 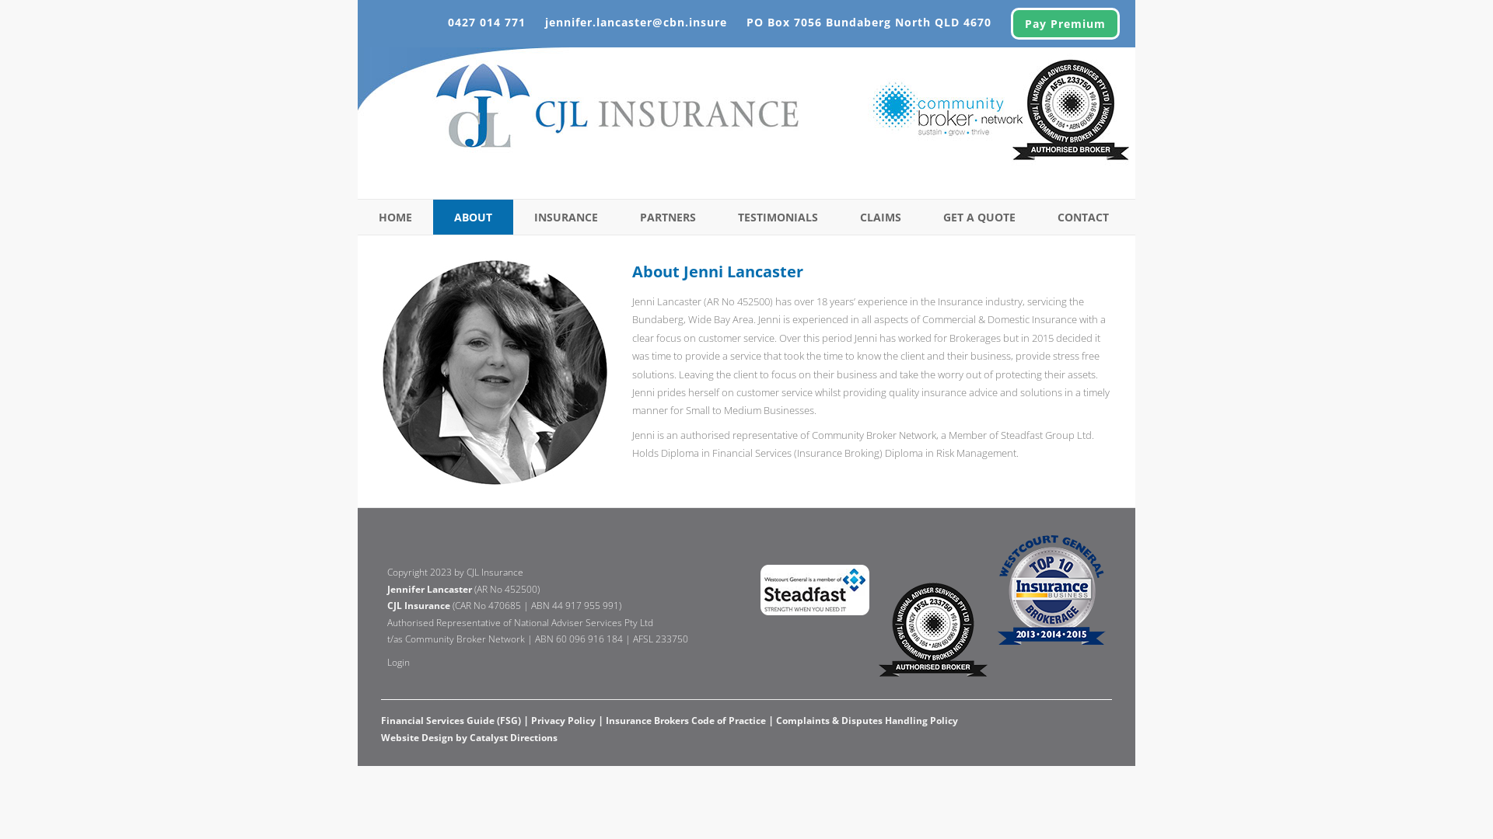 What do you see at coordinates (472, 217) in the screenshot?
I see `'ABOUT'` at bounding box center [472, 217].